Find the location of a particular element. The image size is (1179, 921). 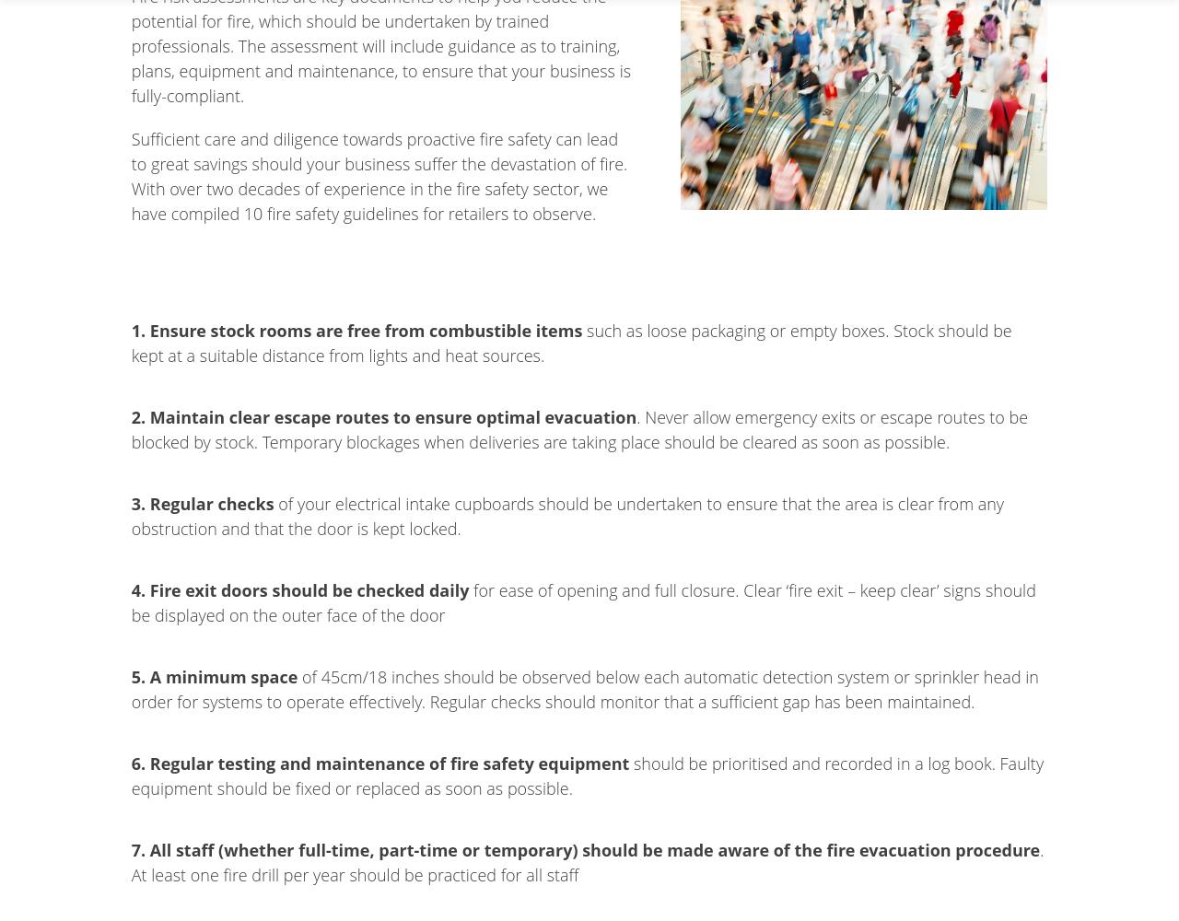

'4. Fire exit doors should be checked daily' is located at coordinates (299, 589).